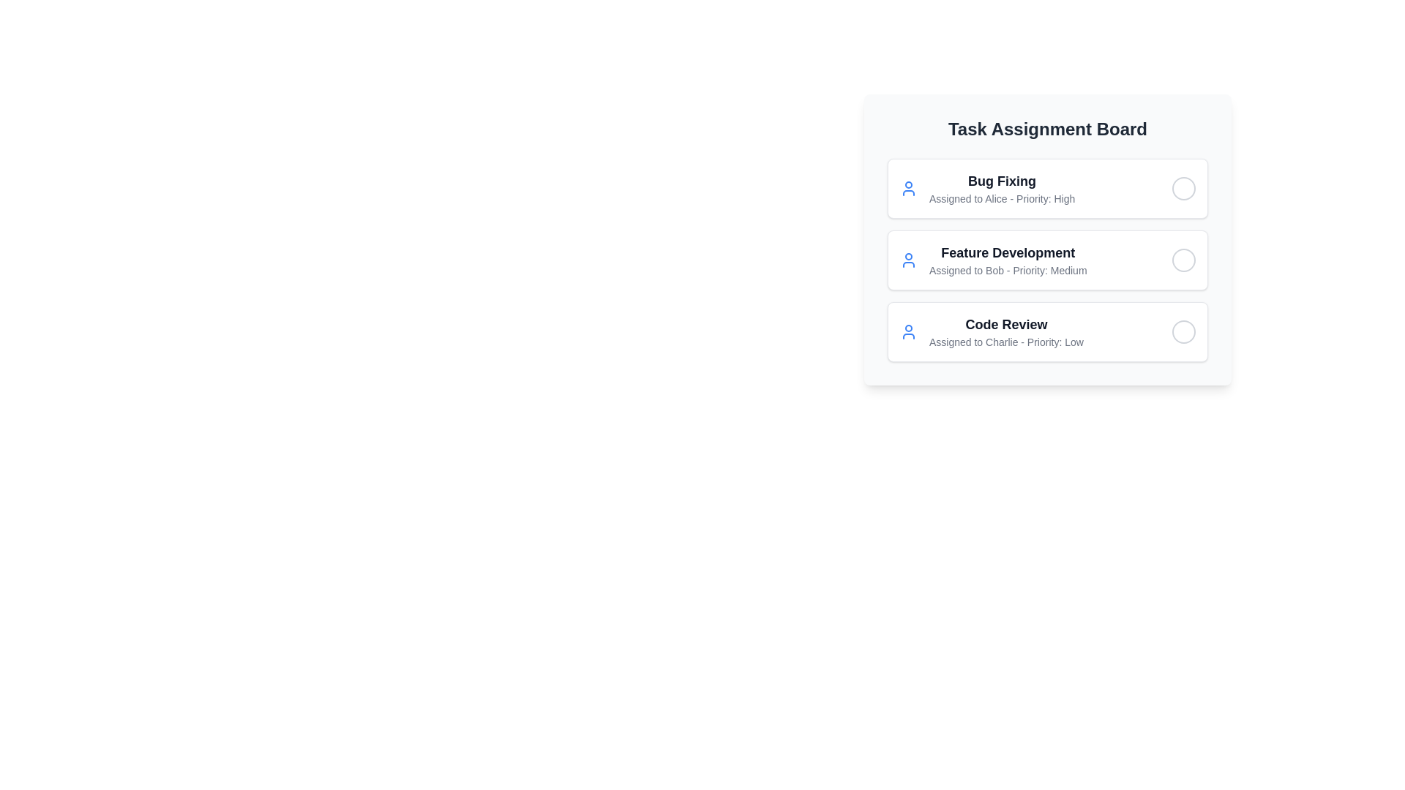  I want to click on information displayed in the text display element titled 'Bug Fixing' with a description 'Assigned to Alice - Priority: High' located at the top of the task list in the 'Task Assignment Board', so click(1001, 188).